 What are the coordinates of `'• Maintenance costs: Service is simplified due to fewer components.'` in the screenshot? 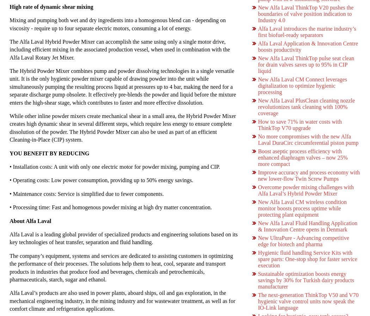 It's located at (86, 193).